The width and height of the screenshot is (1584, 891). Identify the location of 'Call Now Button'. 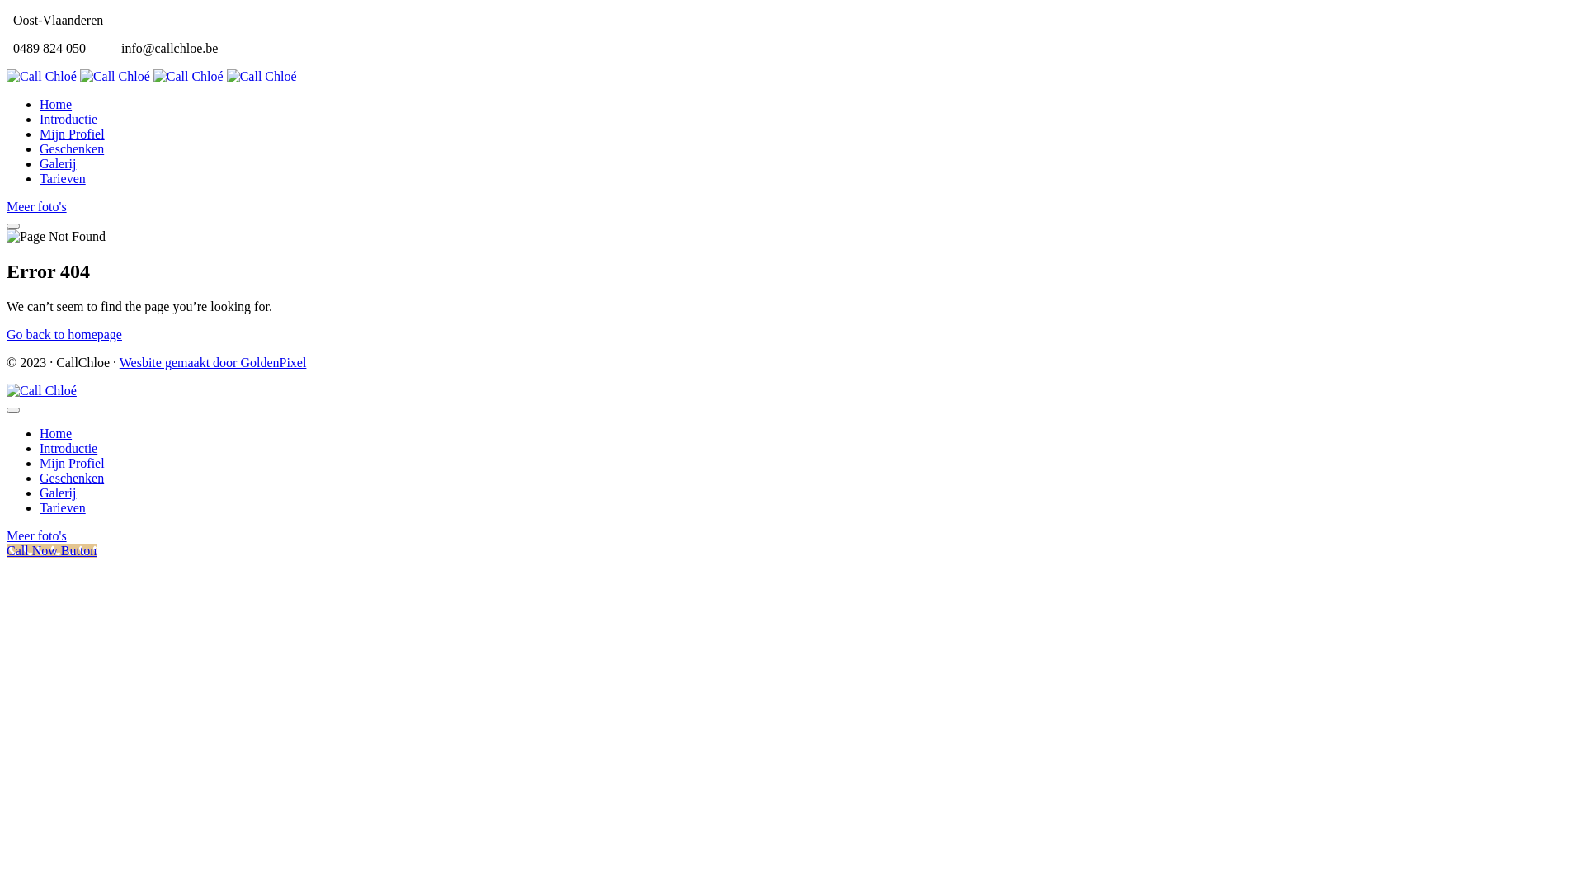
(51, 550).